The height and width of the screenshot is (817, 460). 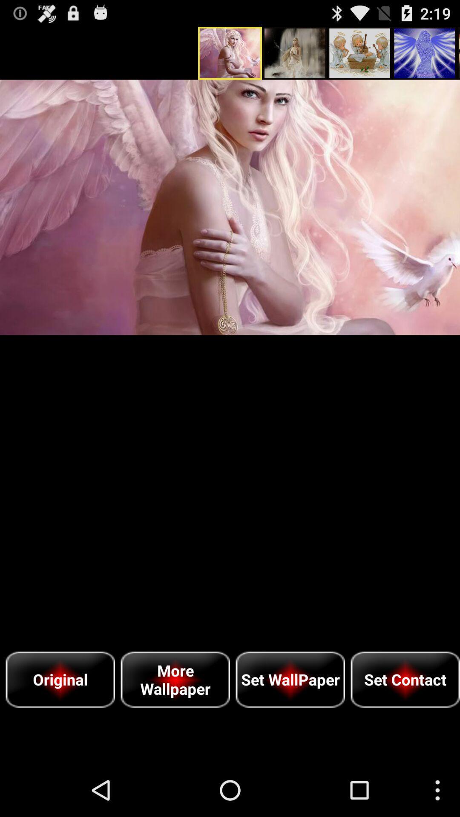 What do you see at coordinates (405, 679) in the screenshot?
I see `the icon next to set wallpaper` at bounding box center [405, 679].